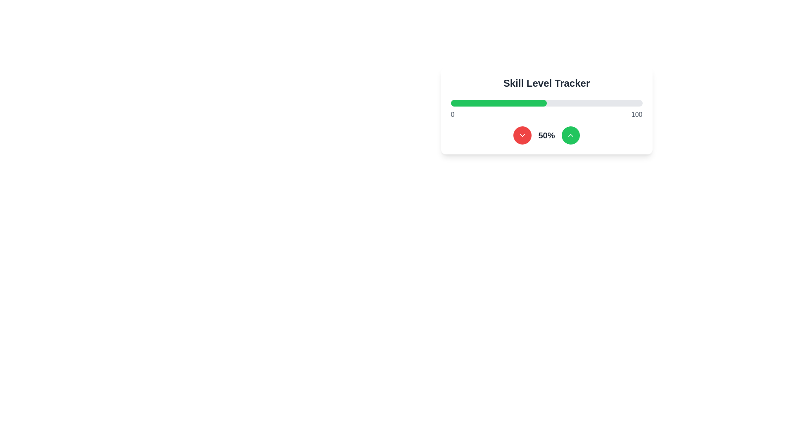 This screenshot has width=793, height=446. Describe the element at coordinates (522, 135) in the screenshot. I see `the leftmost button that decreases a value, indicated by a downward chevron icon` at that location.